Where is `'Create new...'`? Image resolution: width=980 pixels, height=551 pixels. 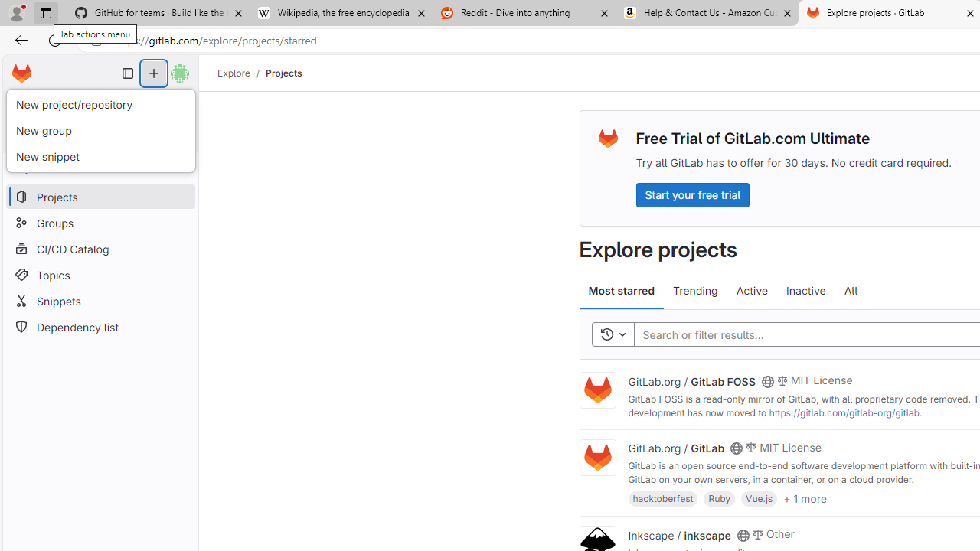
'Create new...' is located at coordinates (154, 73).